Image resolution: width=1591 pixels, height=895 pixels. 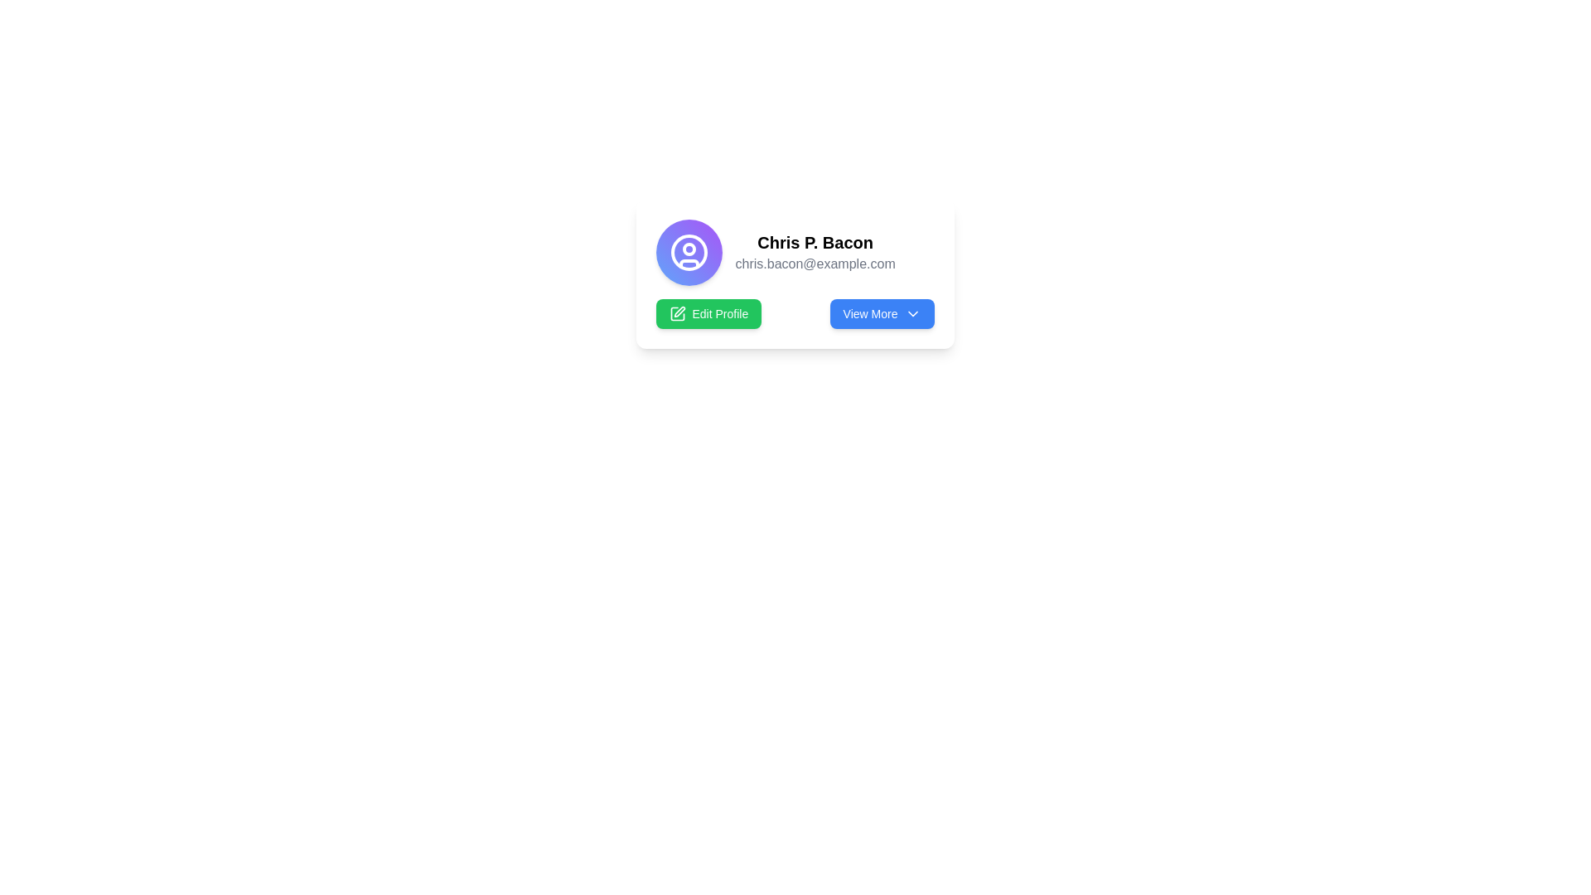 What do you see at coordinates (794, 252) in the screenshot?
I see `the Profile Information Display element which shows the name 'Chris P. Bacon' and email 'chris.bacon@example.com' in the middle-left area above the buttons 'Edit Profile' and 'View More.'` at bounding box center [794, 252].